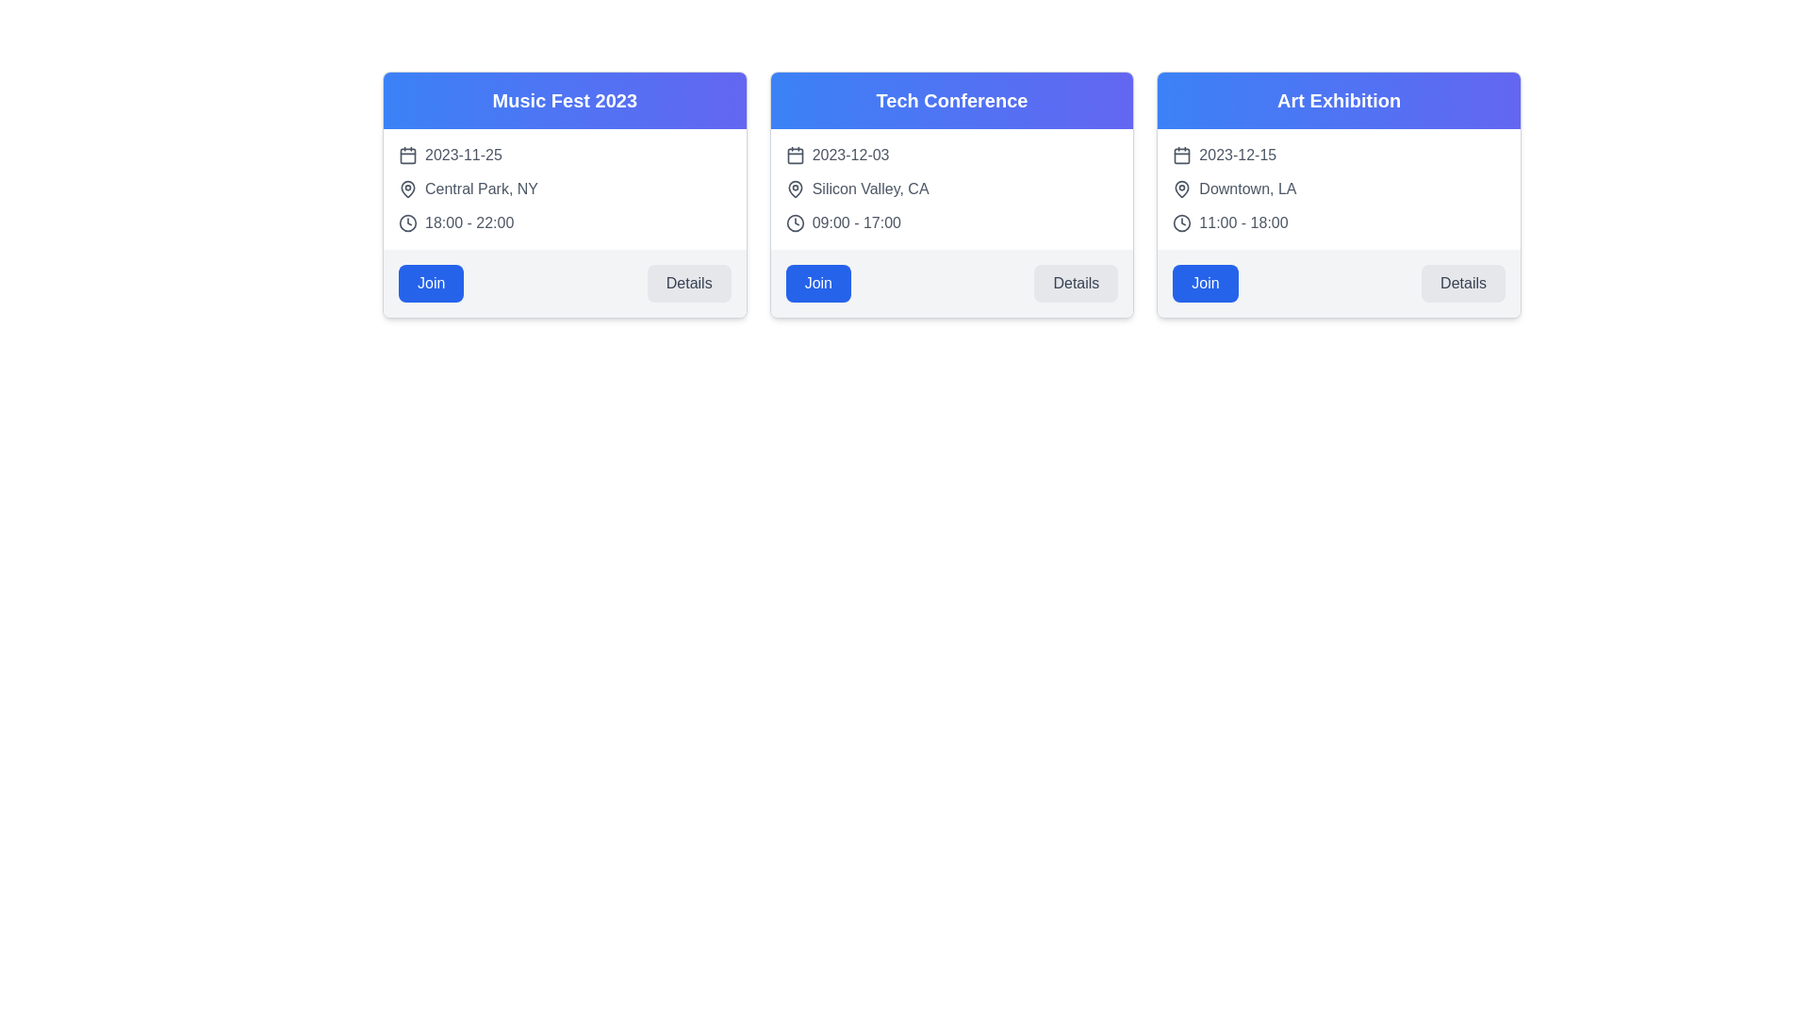  What do you see at coordinates (1205, 283) in the screenshot?
I see `the 'Join' button for the 'Art Exhibition' event using keyboard navigation` at bounding box center [1205, 283].